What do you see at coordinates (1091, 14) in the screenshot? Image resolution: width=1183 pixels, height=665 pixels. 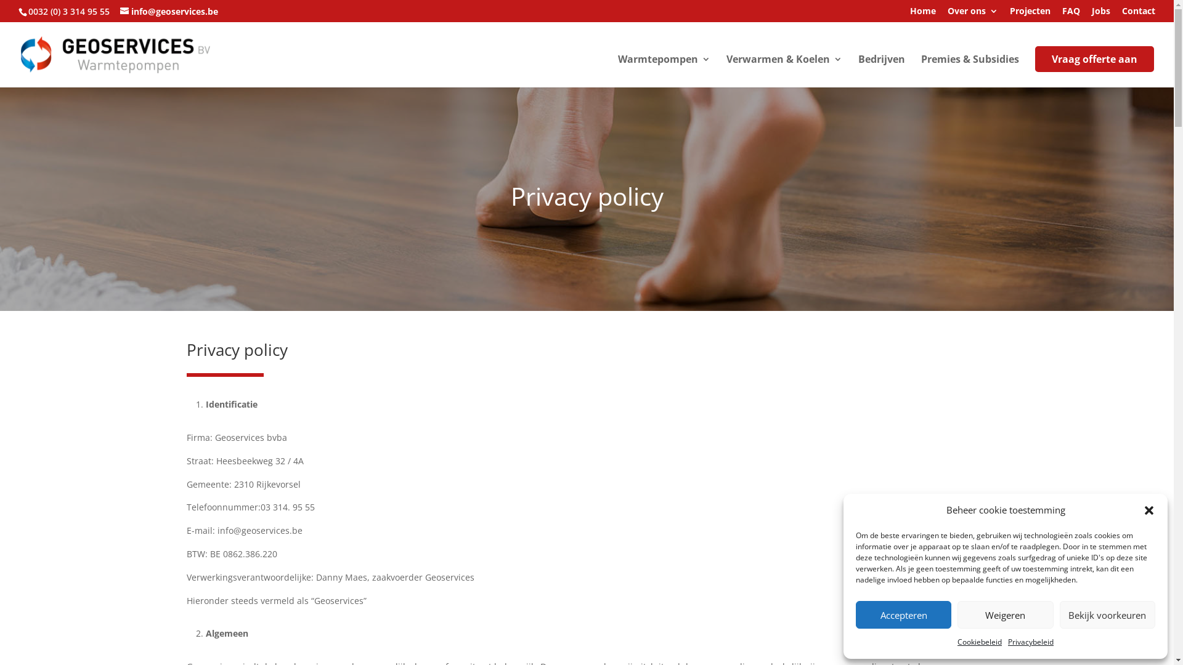 I see `'Jobs'` at bounding box center [1091, 14].